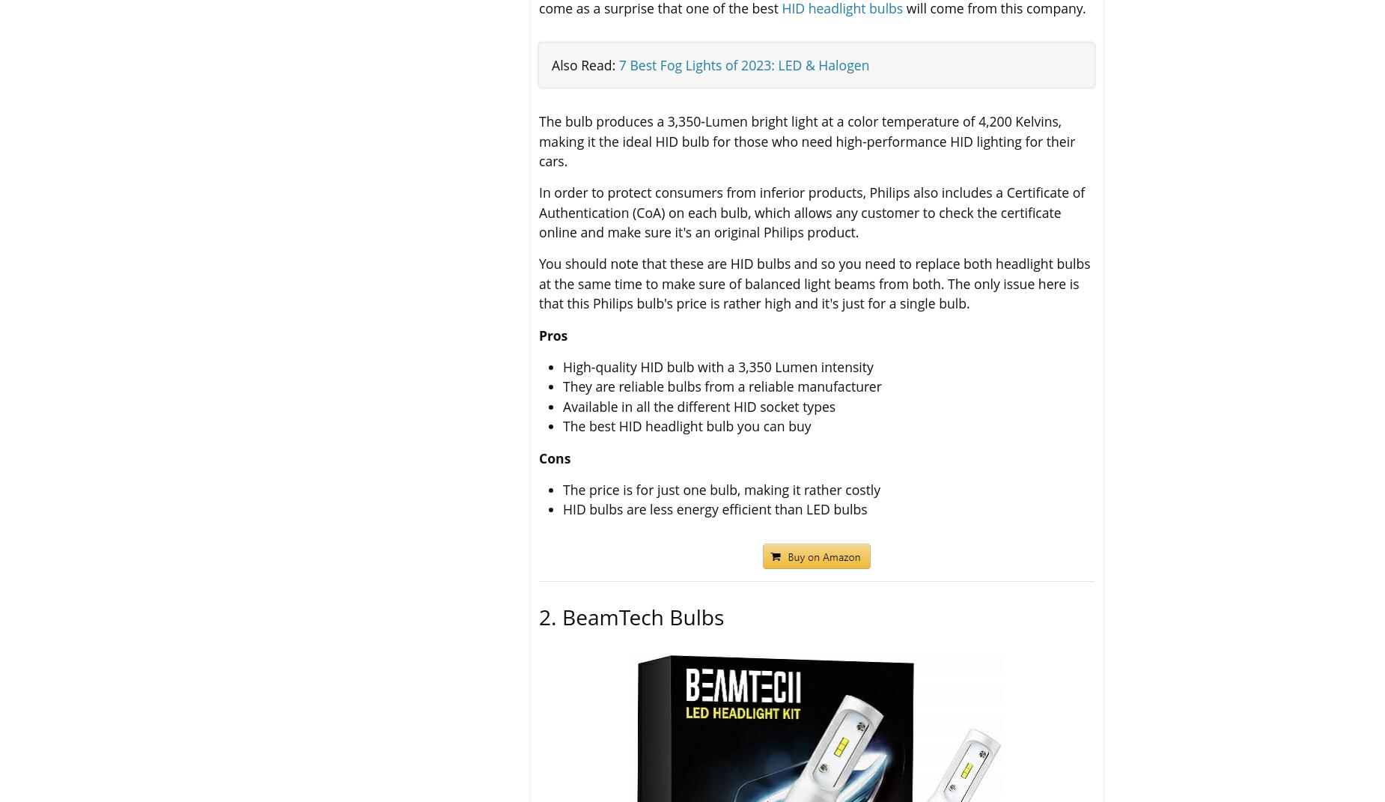  What do you see at coordinates (811, 212) in the screenshot?
I see `'In order to protect consumers from inferior products, Philips also includes a Certificate of Authentication (CoA) on each bulb, which allows any customer to check the certificate online and make sure it's an original Philips product.'` at bounding box center [811, 212].